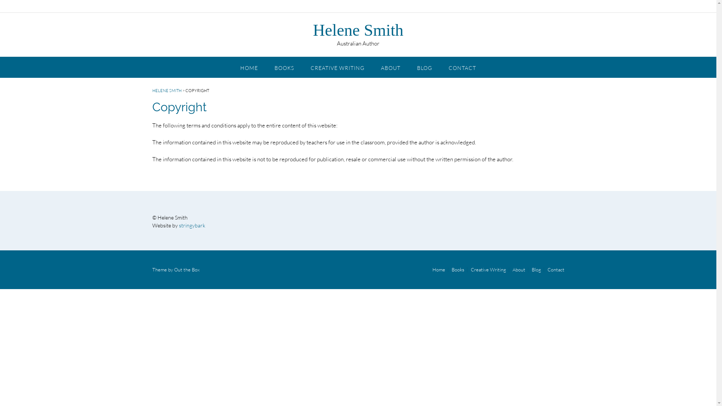  Describe the element at coordinates (424, 66) in the screenshot. I see `'BLOG'` at that location.